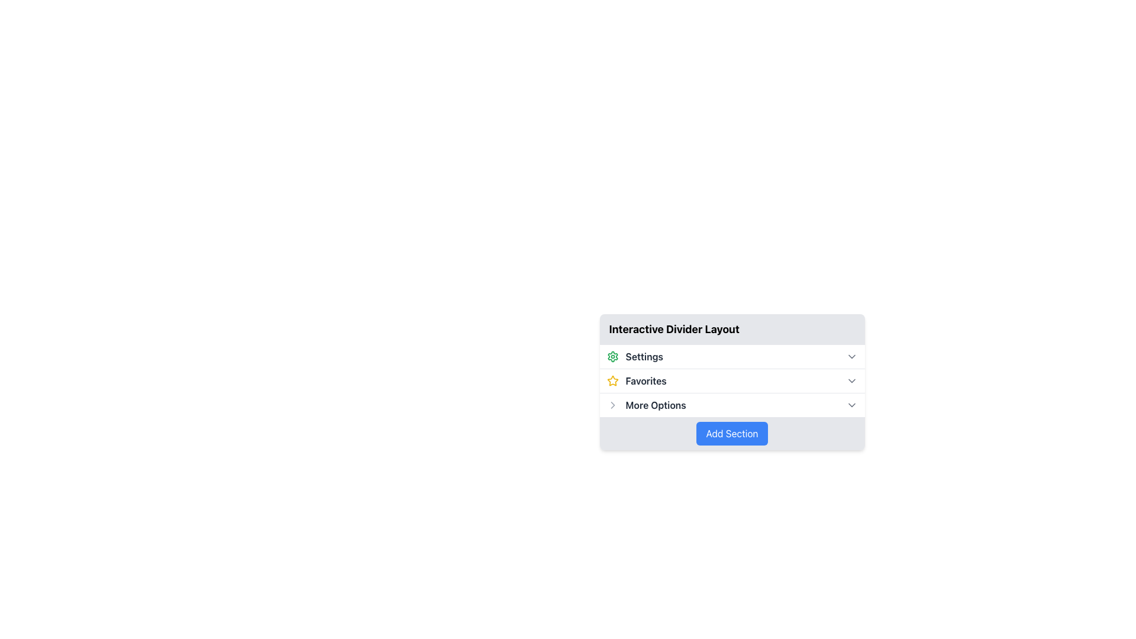 Image resolution: width=1136 pixels, height=639 pixels. I want to click on the gray downward-pointing chevron icon at the right end of the 'Settings' row, so click(851, 356).